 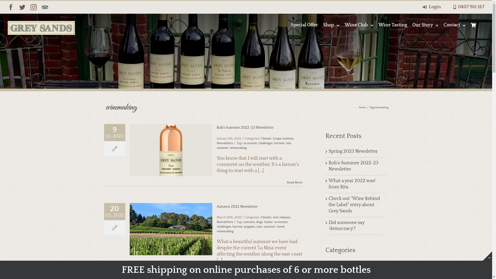 What do you see at coordinates (268, 222) in the screenshot?
I see `'Easter'` at bounding box center [268, 222].